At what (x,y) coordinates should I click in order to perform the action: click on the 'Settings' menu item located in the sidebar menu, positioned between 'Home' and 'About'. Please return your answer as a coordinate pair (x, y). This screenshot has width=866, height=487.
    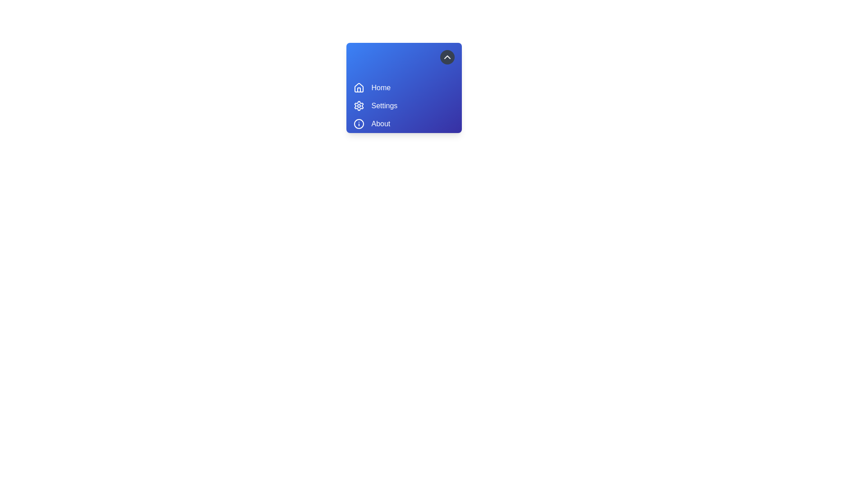
    Looking at the image, I should click on (403, 106).